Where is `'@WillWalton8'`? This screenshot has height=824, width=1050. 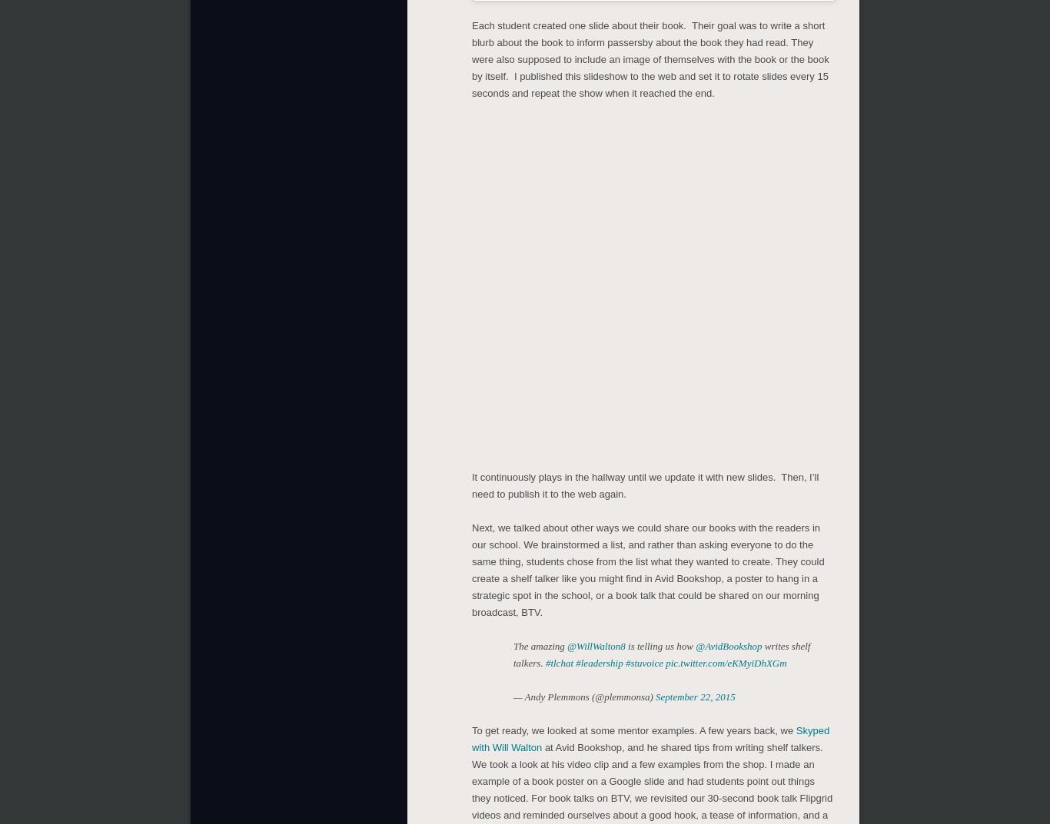
'@WillWalton8' is located at coordinates (596, 645).